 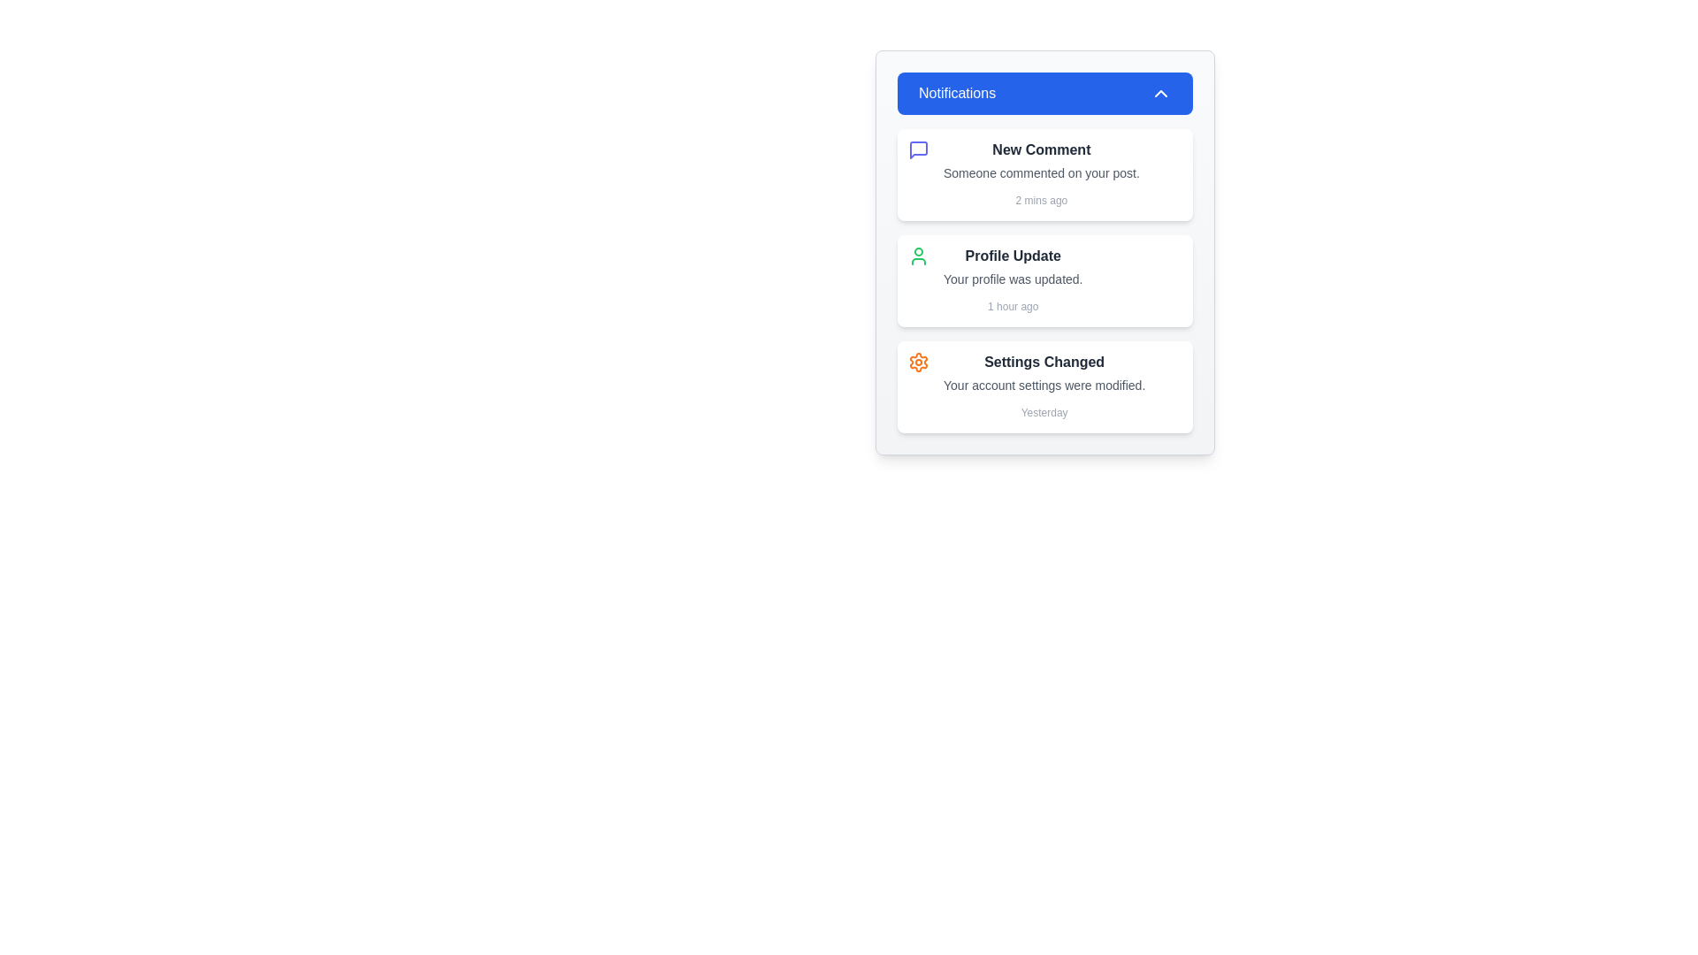 What do you see at coordinates (1044, 174) in the screenshot?
I see `the first notification card in the notification list` at bounding box center [1044, 174].